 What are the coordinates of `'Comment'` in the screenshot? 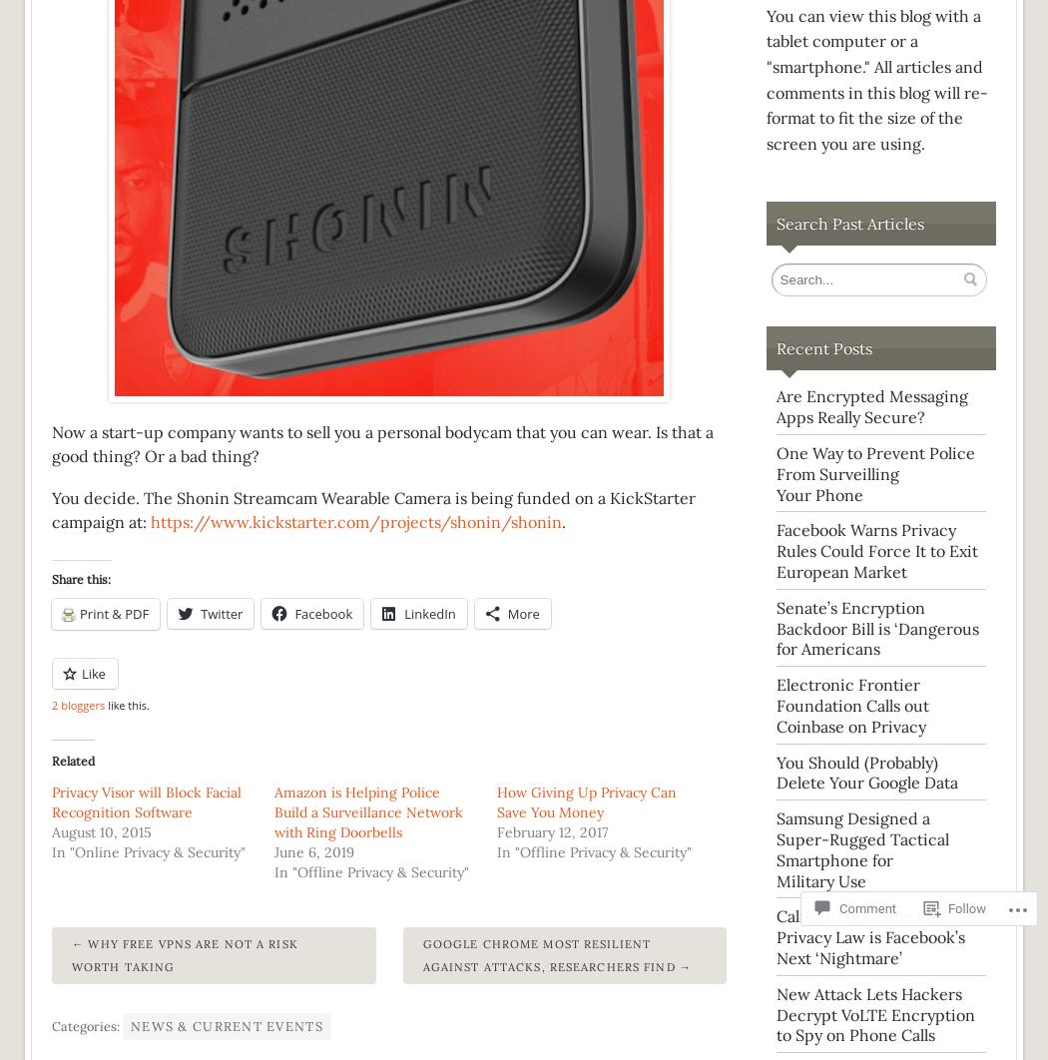 It's located at (839, 907).